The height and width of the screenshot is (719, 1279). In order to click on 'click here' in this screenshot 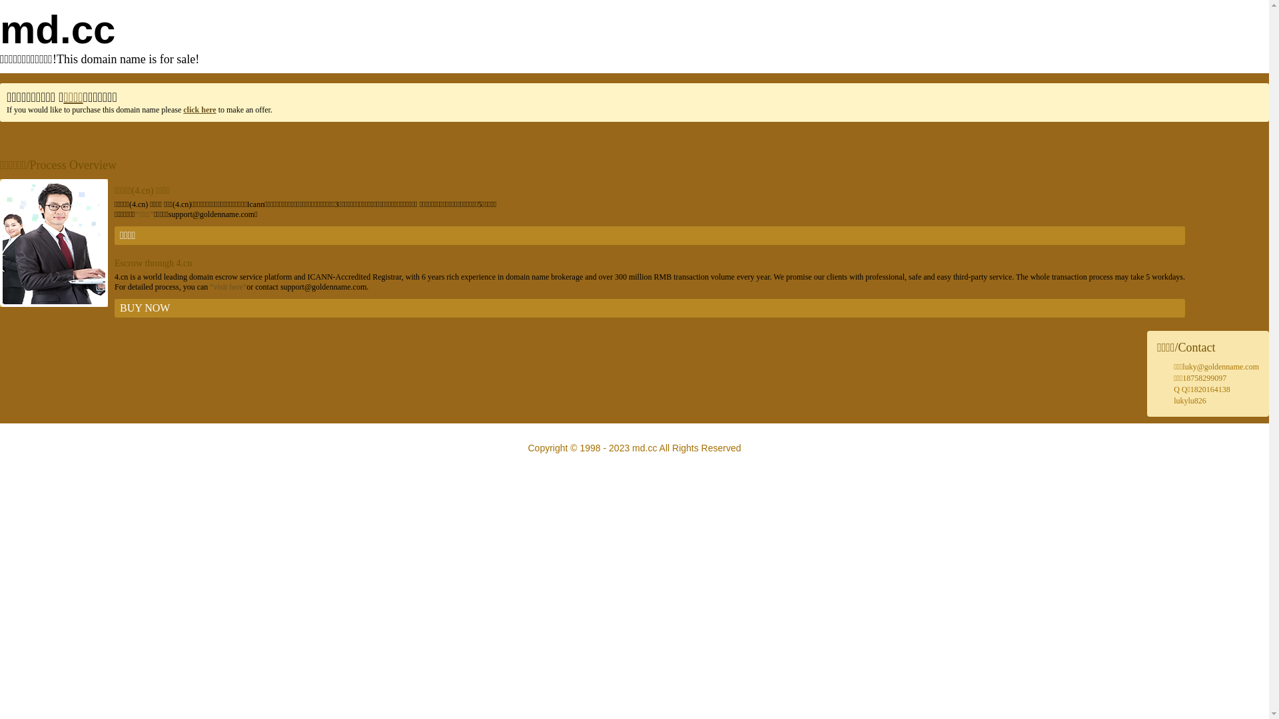, I will do `click(199, 109)`.